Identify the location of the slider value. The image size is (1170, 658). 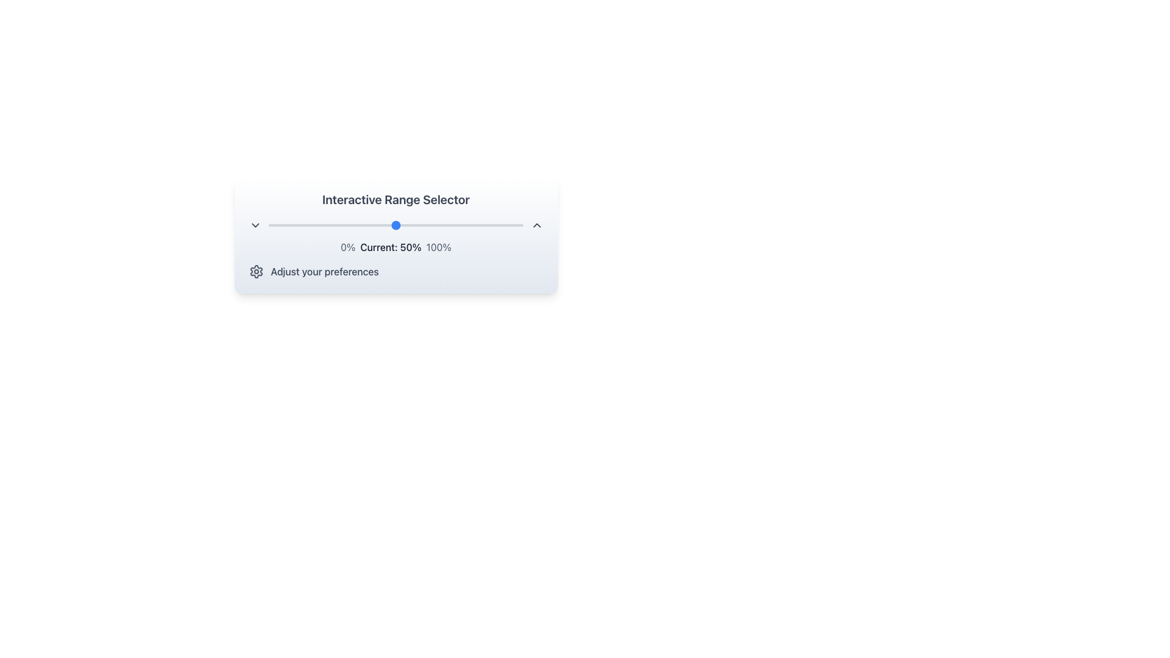
(291, 225).